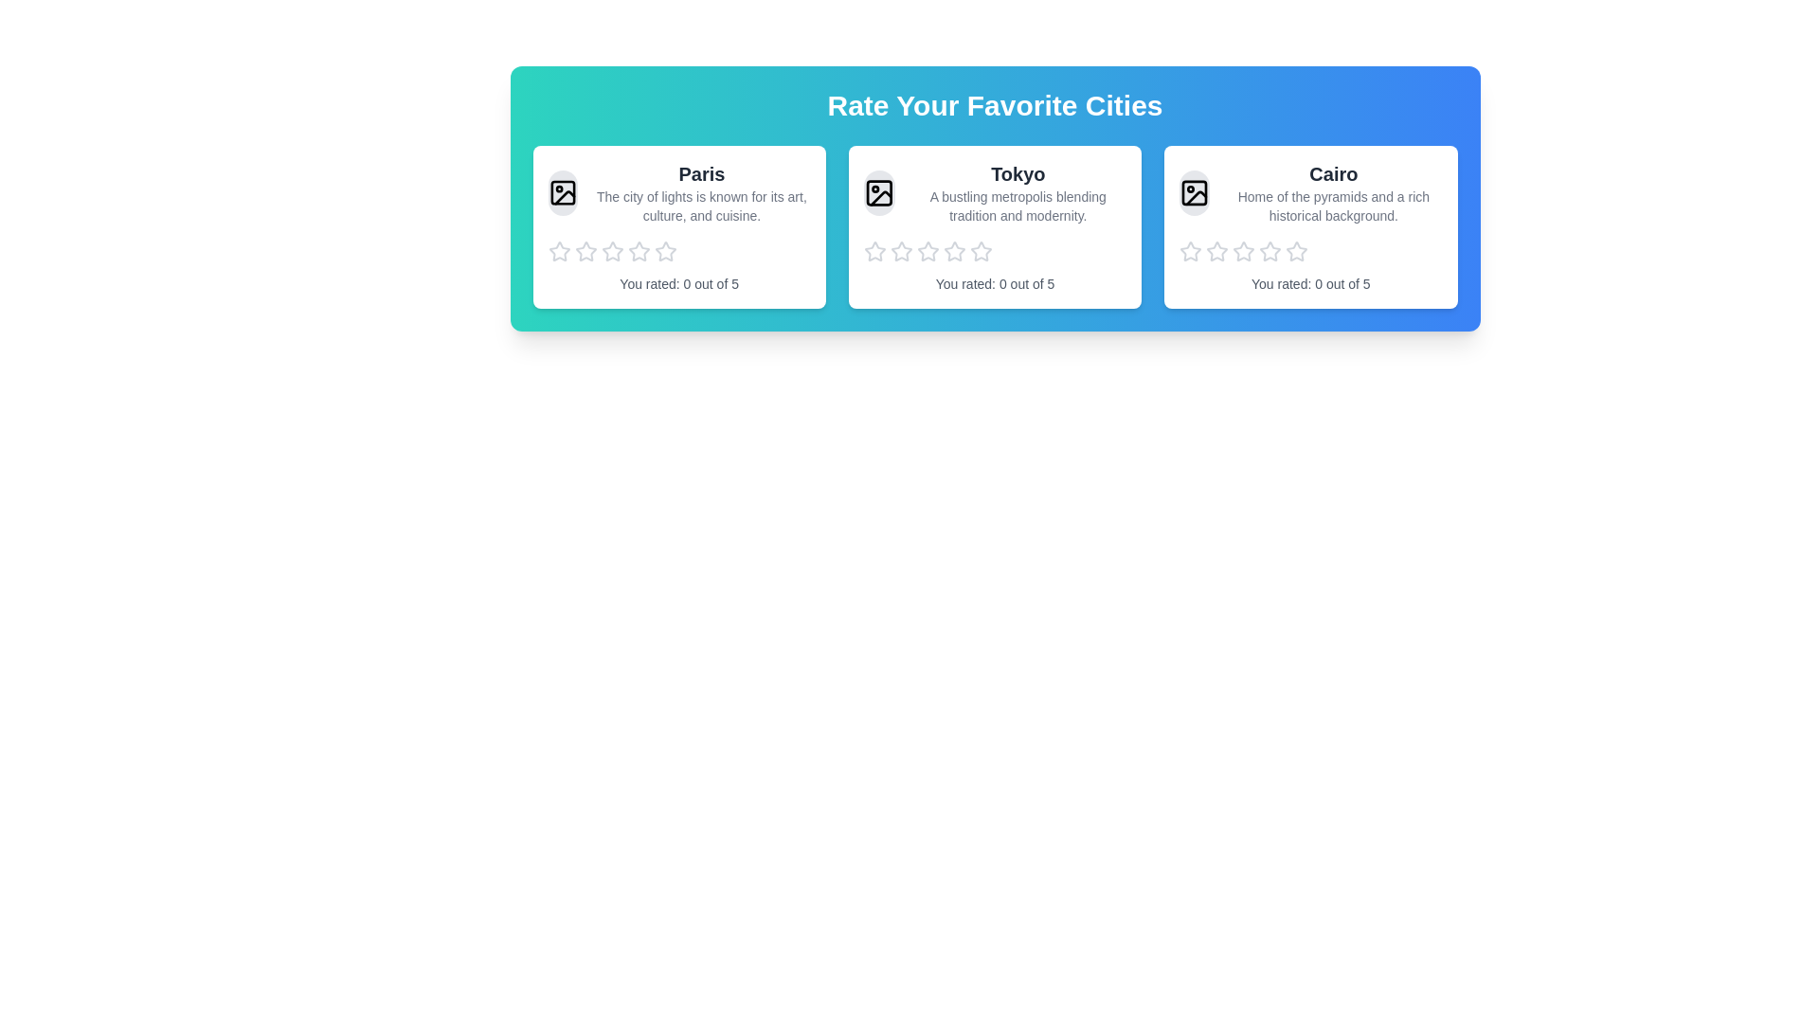 Image resolution: width=1819 pixels, height=1023 pixels. I want to click on the SVG Icon located centrally within the circular icon area of the 'Tokyo' card, which is the second card in the row of cards, so click(880, 198).